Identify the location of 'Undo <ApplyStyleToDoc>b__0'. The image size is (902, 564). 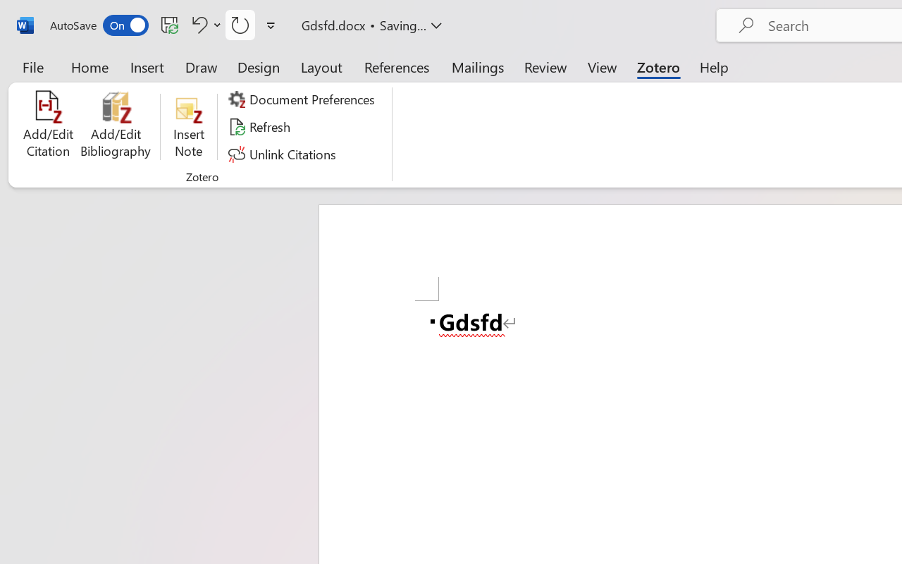
(204, 24).